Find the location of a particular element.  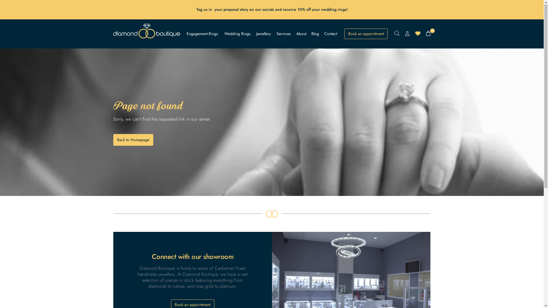

'Back to Homepage' is located at coordinates (133, 140).